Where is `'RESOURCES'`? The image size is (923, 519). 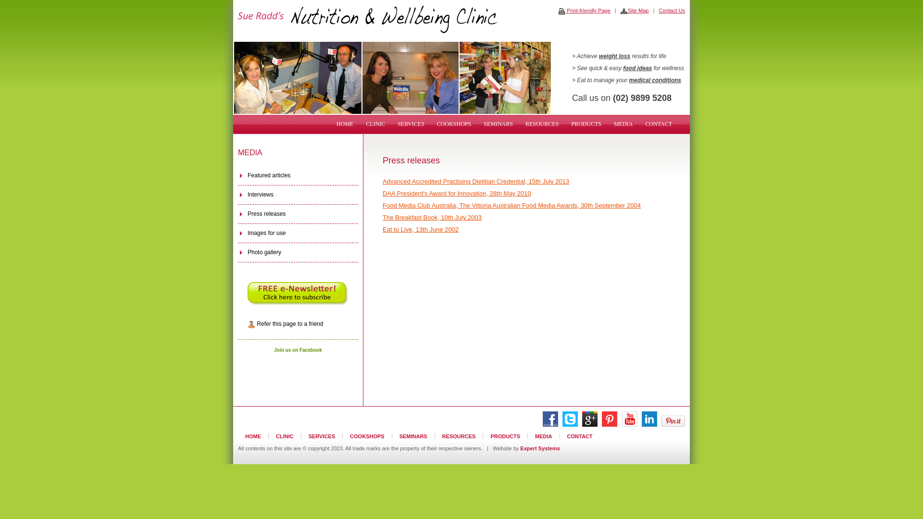
'RESOURCES' is located at coordinates (459, 436).